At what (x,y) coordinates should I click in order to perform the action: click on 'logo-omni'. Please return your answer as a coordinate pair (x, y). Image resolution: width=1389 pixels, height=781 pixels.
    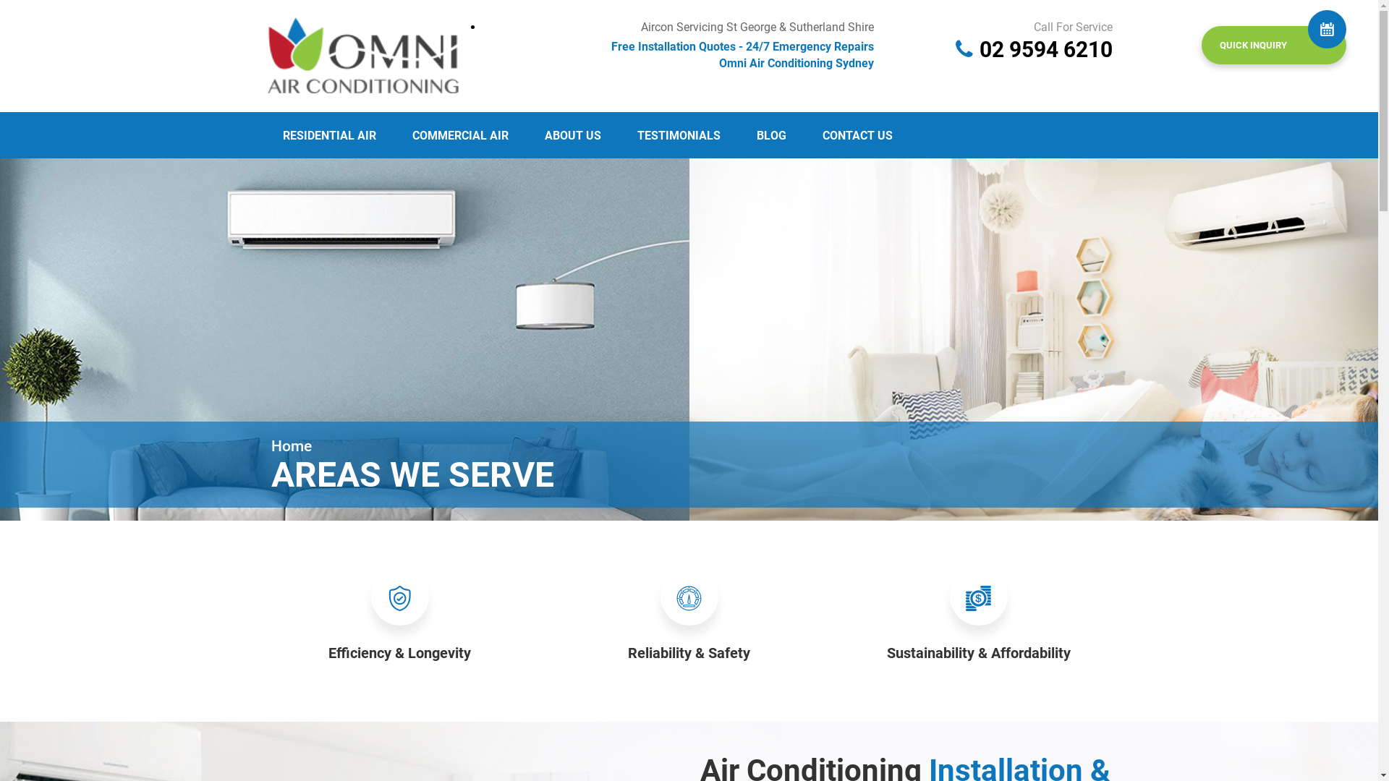
    Looking at the image, I should click on (364, 52).